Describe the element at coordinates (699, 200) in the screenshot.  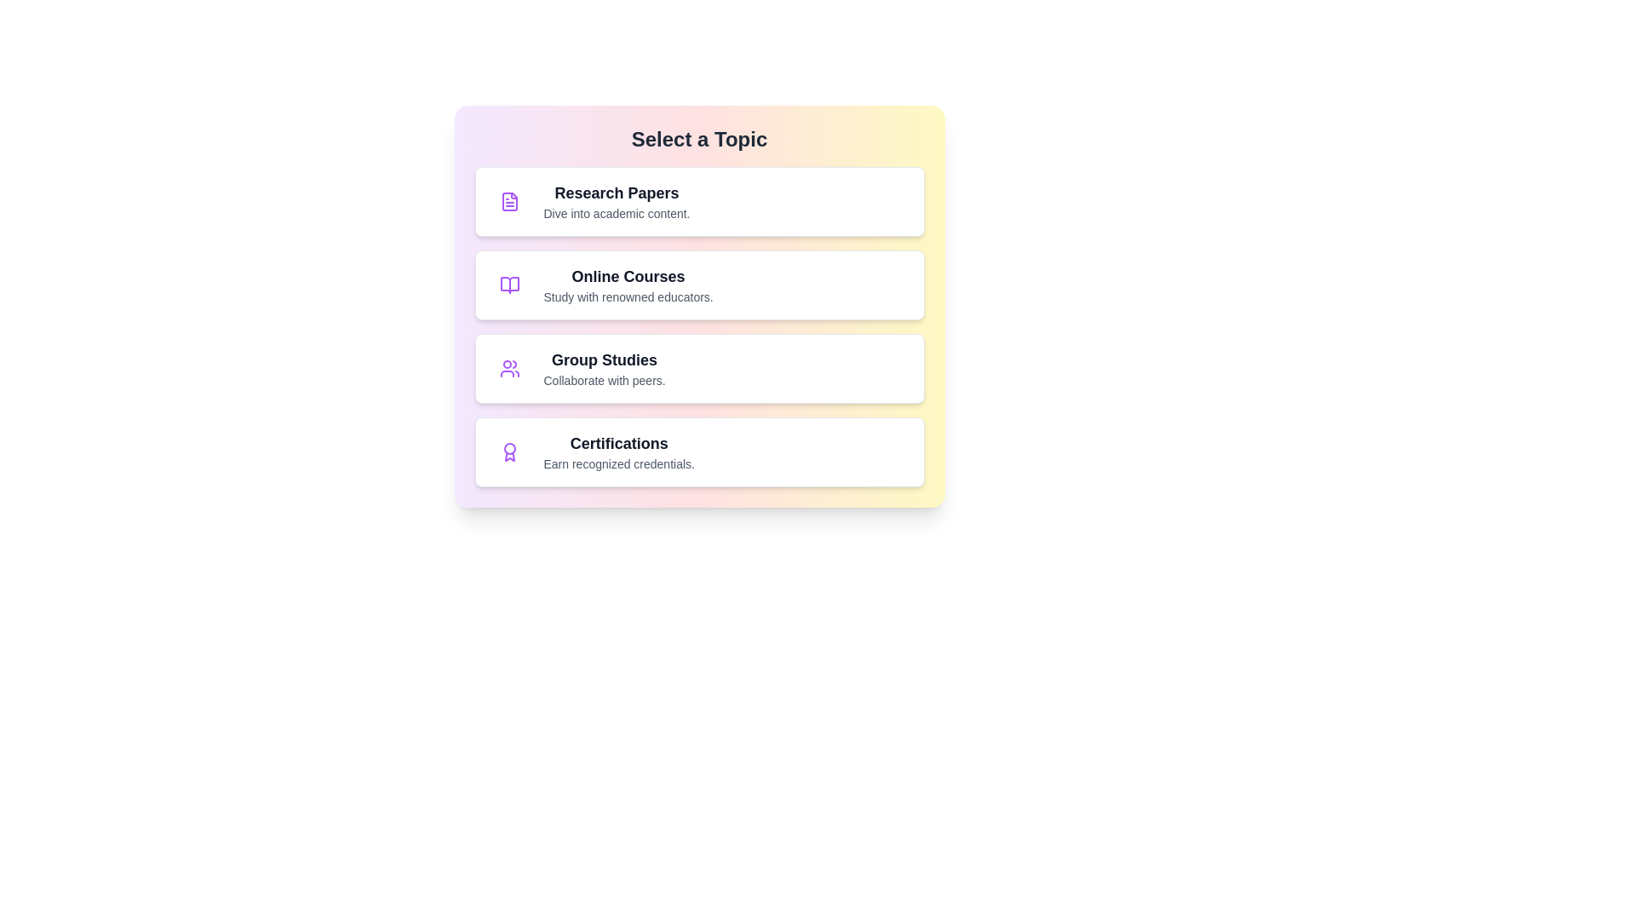
I see `the topic item labeled Research Papers to select it` at that location.